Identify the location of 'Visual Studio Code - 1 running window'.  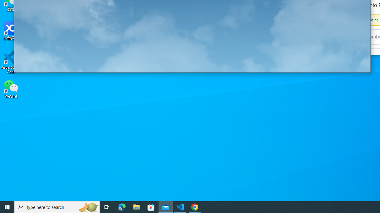
(180, 206).